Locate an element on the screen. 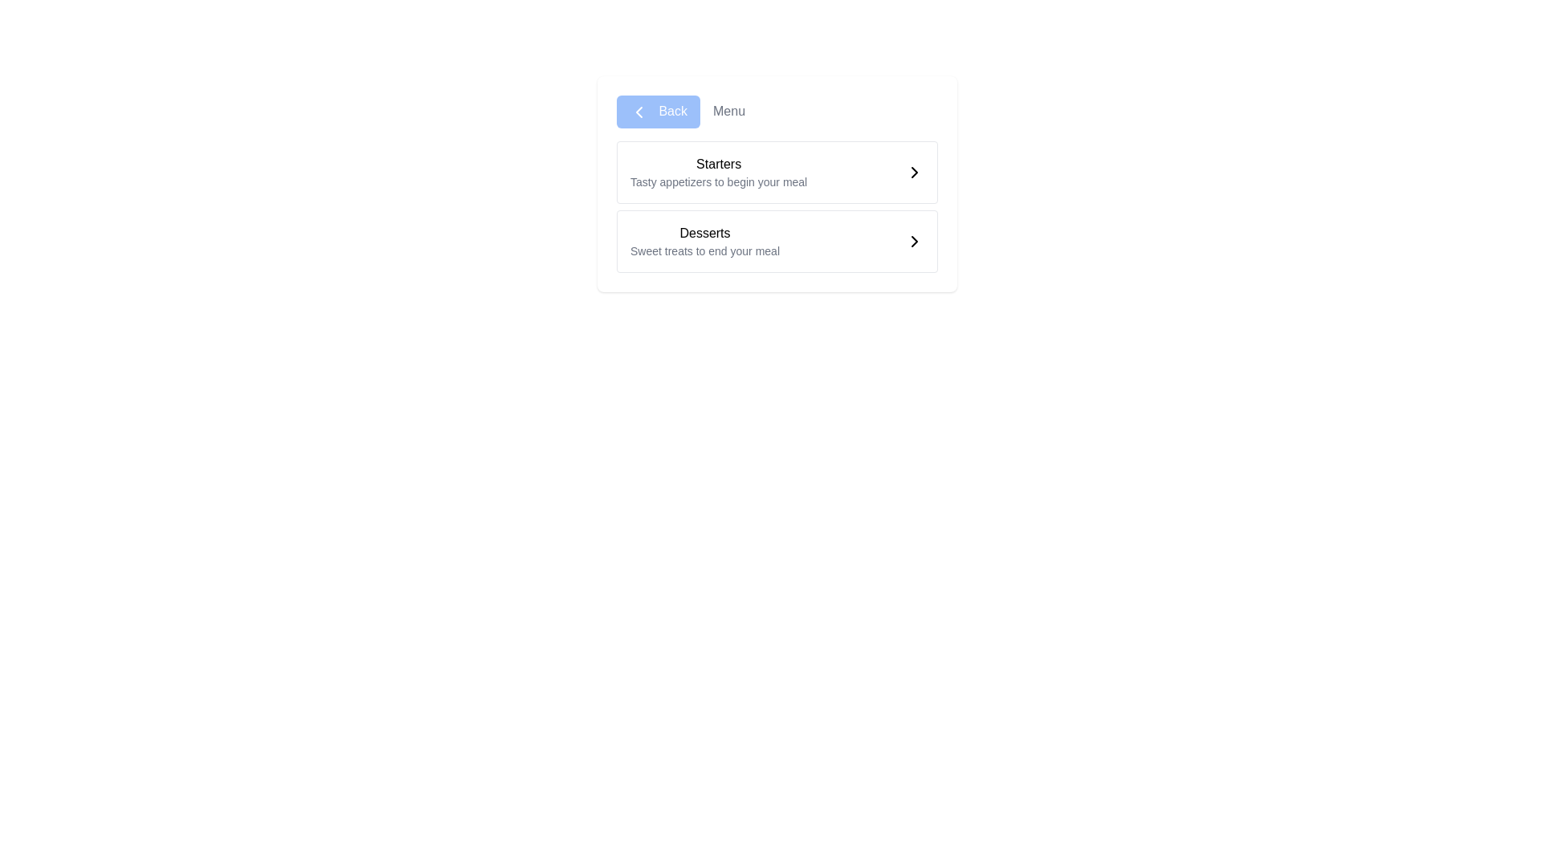 This screenshot has width=1542, height=867. the menu item titled 'Desserts' with the description 'Sweet treats to end your meal' is located at coordinates (705, 241).